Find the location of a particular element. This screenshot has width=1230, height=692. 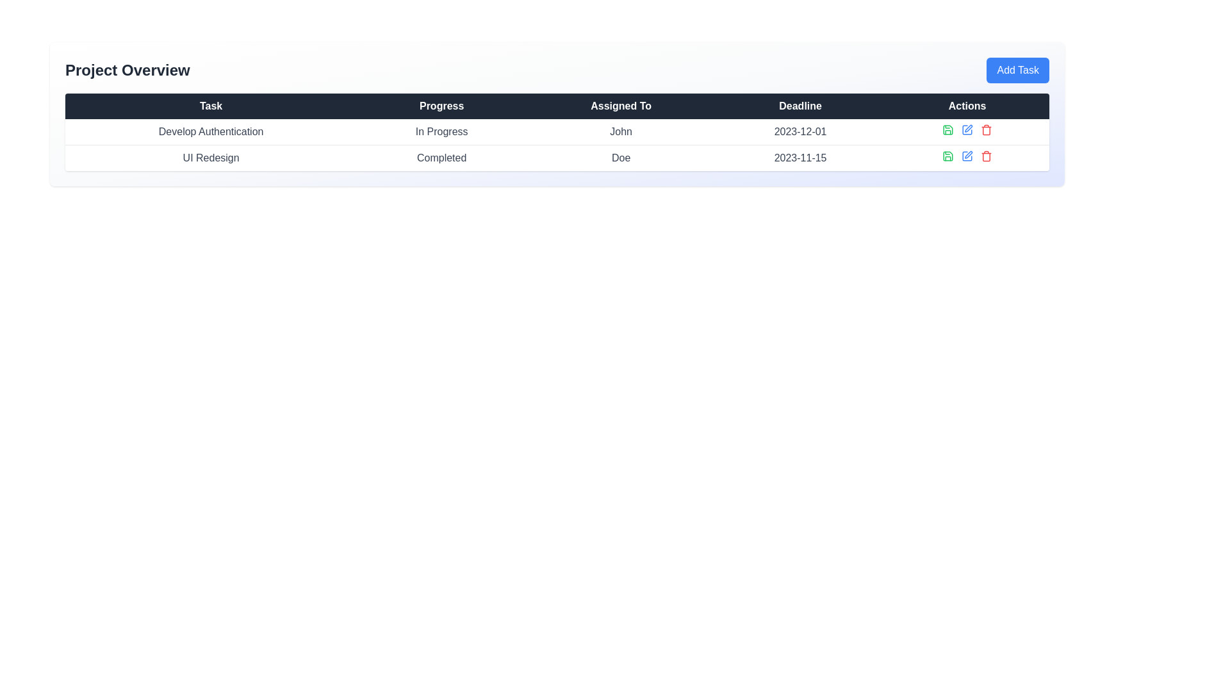

the edit icon, which is a square-shaped element located in the 'Actions' column of the second entry for the 'UI Redesign' task is located at coordinates (967, 155).